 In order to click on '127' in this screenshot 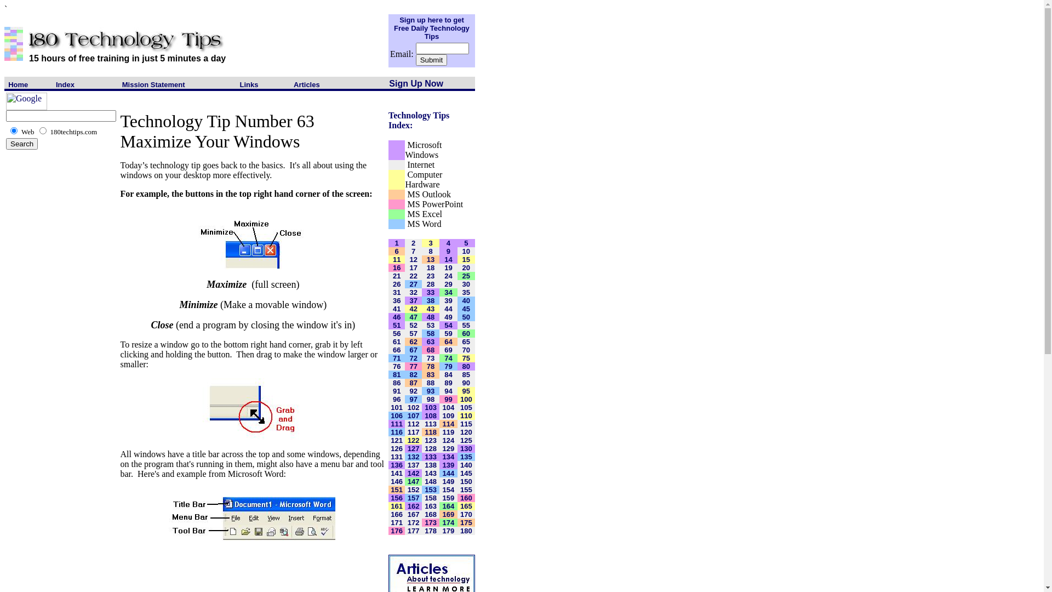, I will do `click(413, 448)`.